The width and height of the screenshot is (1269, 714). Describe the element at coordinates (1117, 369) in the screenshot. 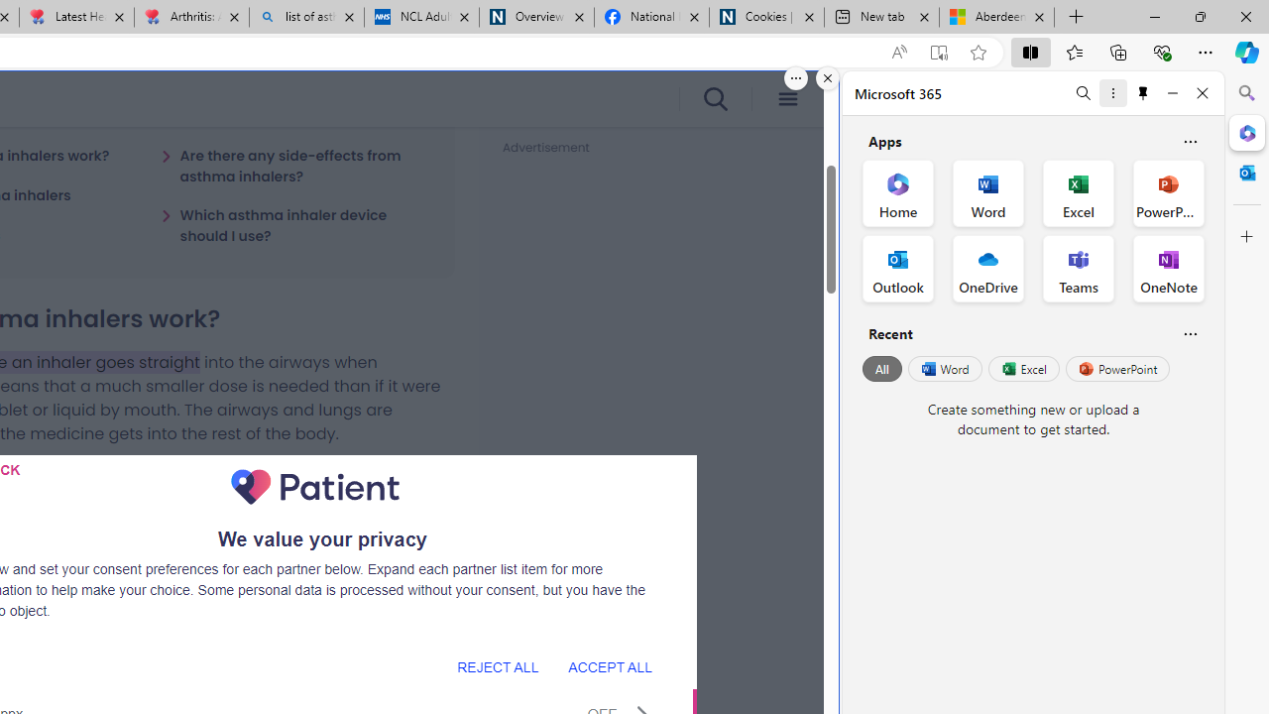

I see `'PowerPoint'` at that location.